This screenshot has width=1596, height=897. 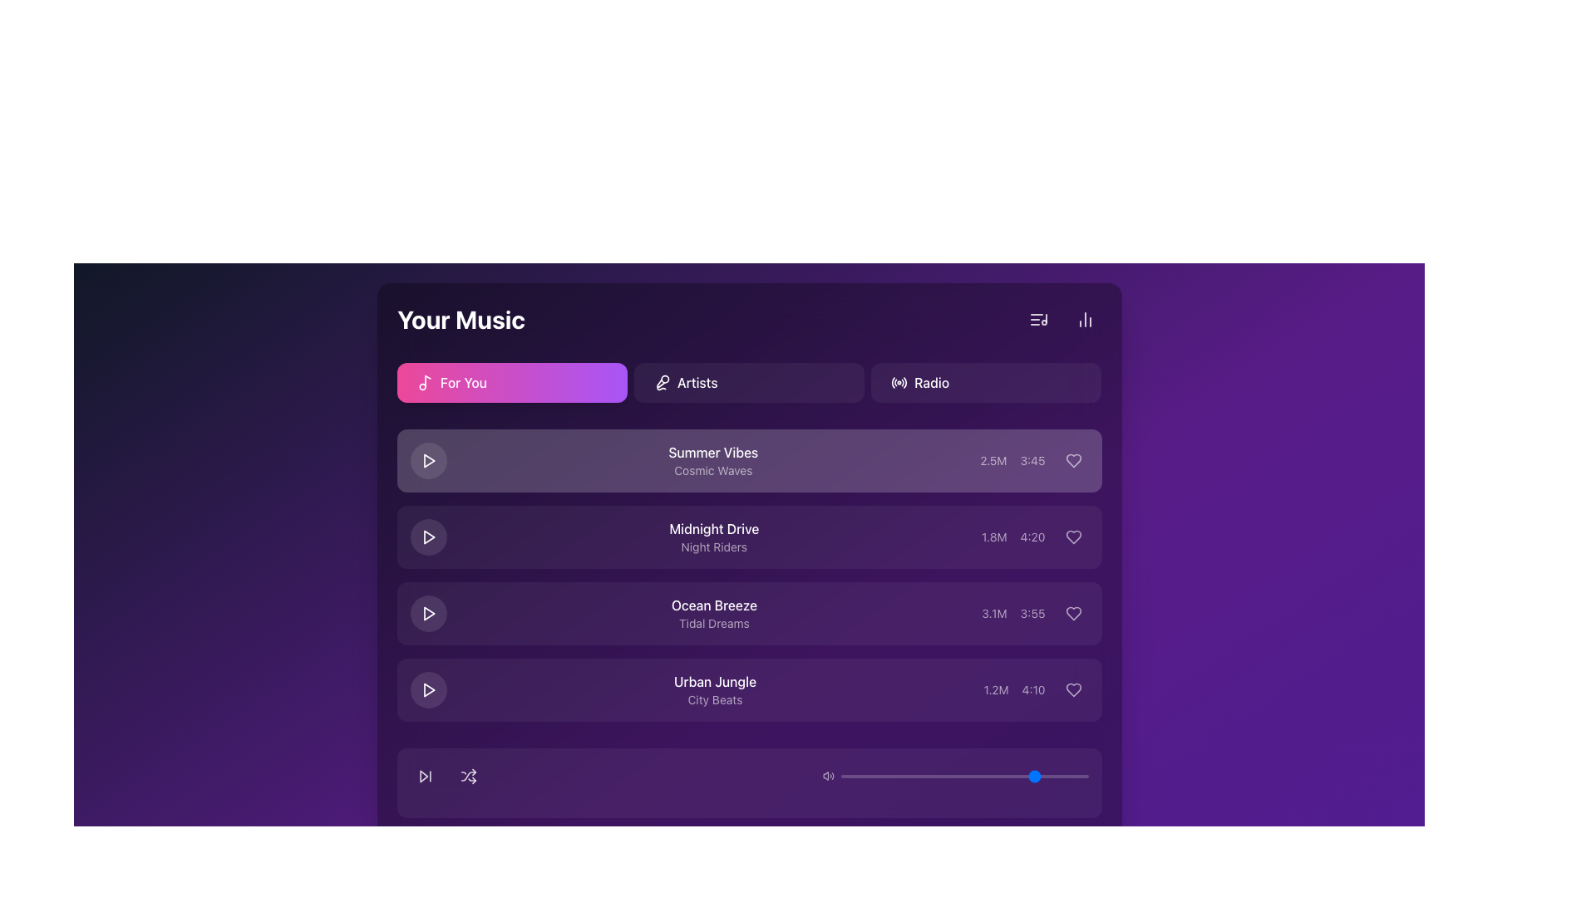 What do you see at coordinates (713, 461) in the screenshot?
I see `the content of the text label that displays 'Summer Vibes' and 'Cosmic Waves' in a dark purple panel located under 'Your Music'` at bounding box center [713, 461].